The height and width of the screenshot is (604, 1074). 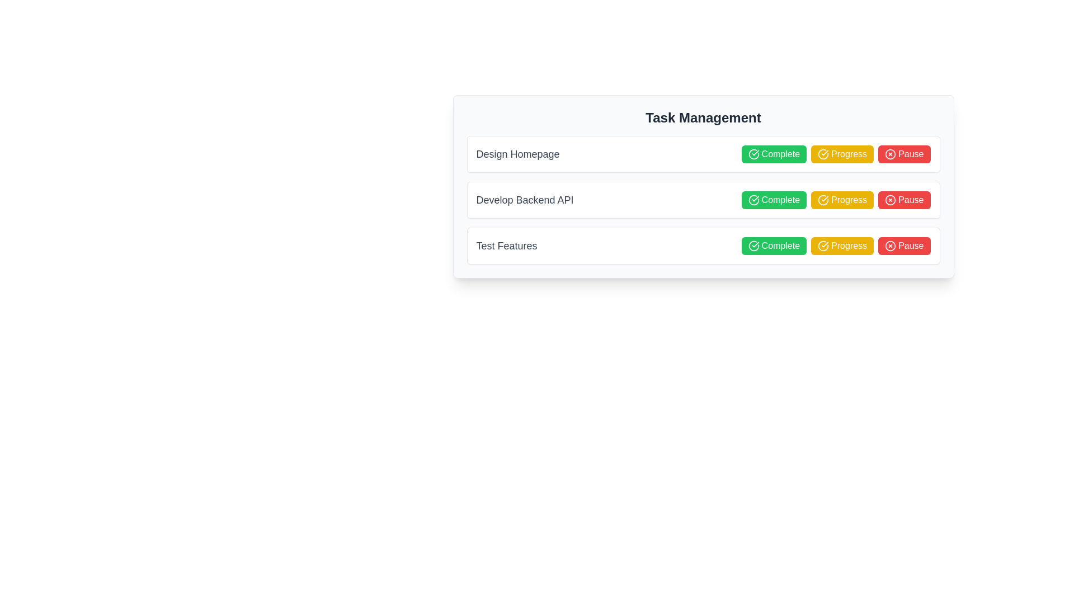 I want to click on the 'Progress' button, which has a yellow background, white text, and a checkmark icon, located in the 'Develop Backend API' task row, so click(x=836, y=200).